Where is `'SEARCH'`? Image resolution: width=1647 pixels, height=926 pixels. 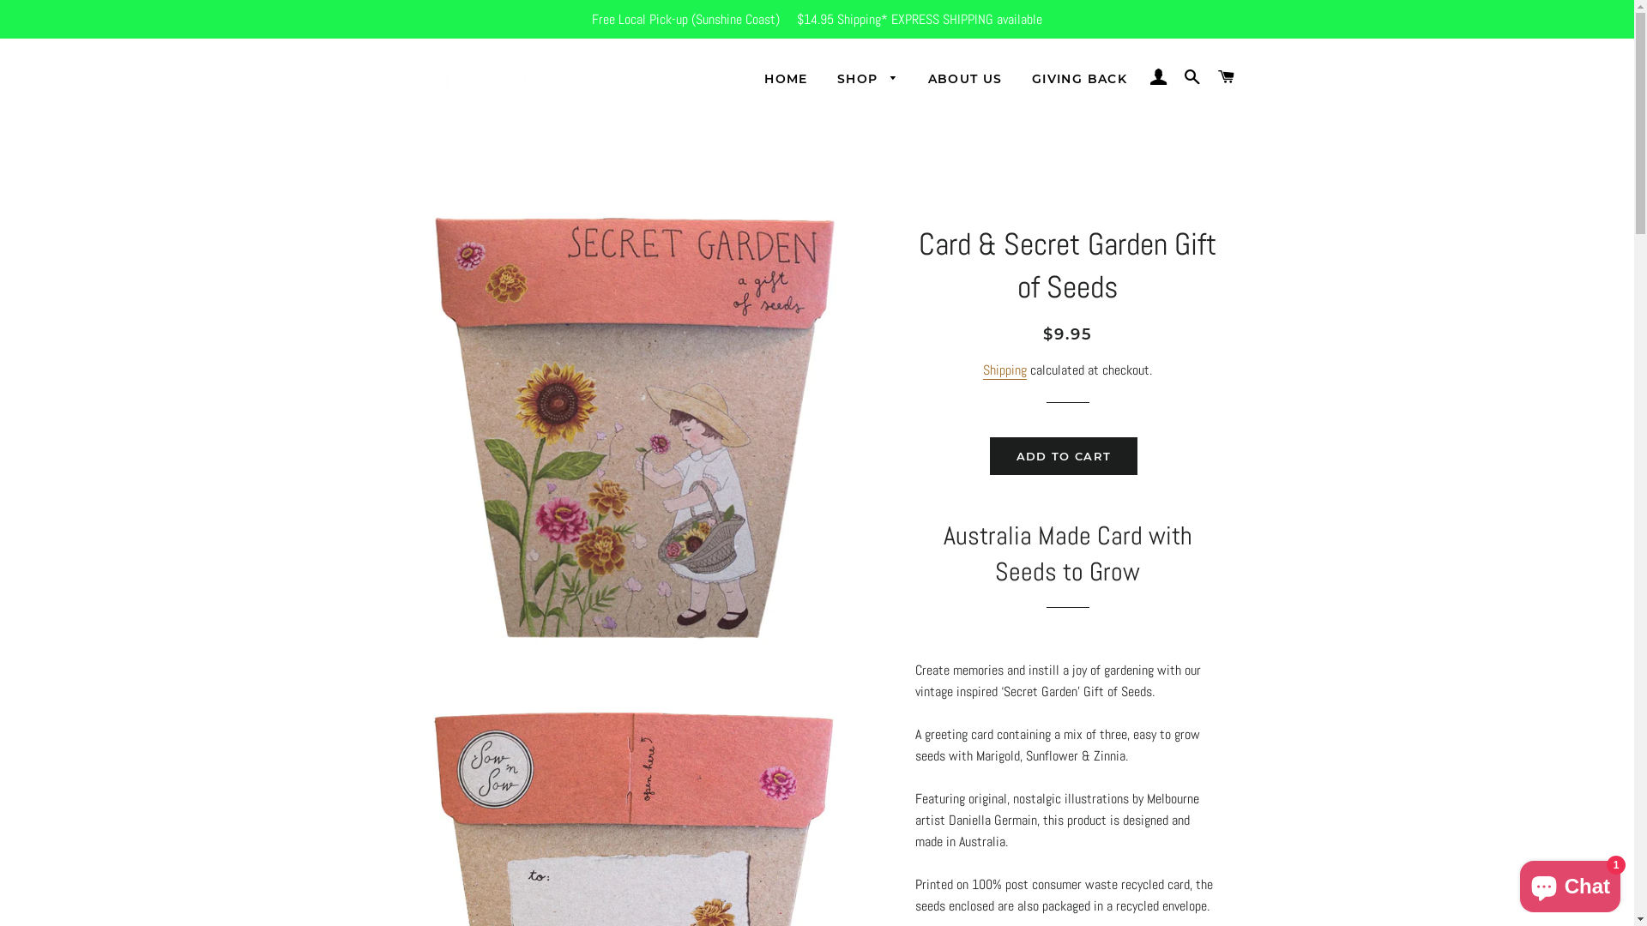 'SEARCH' is located at coordinates (1192, 75).